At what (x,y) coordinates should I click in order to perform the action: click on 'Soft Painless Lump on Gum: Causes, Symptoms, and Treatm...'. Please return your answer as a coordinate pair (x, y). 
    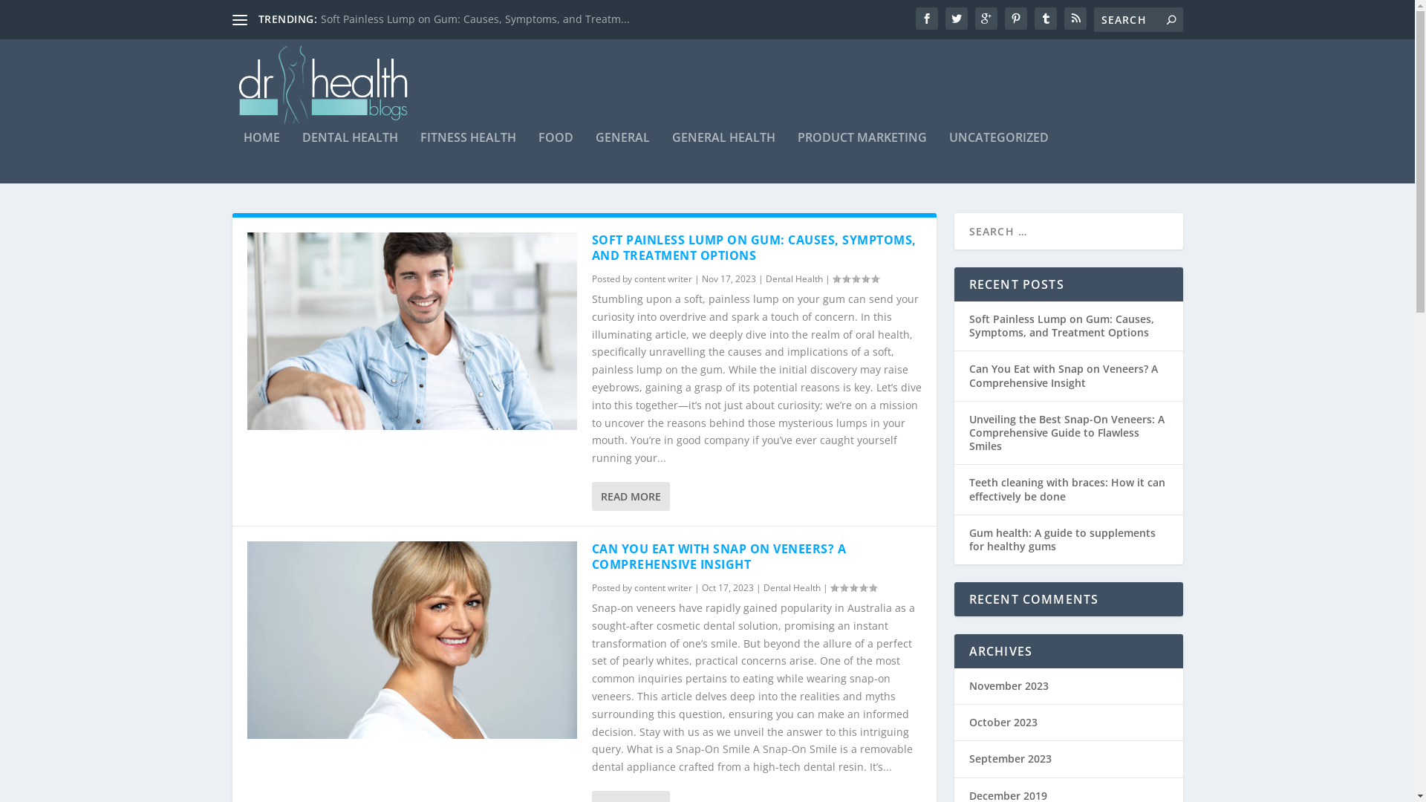
    Looking at the image, I should click on (474, 19).